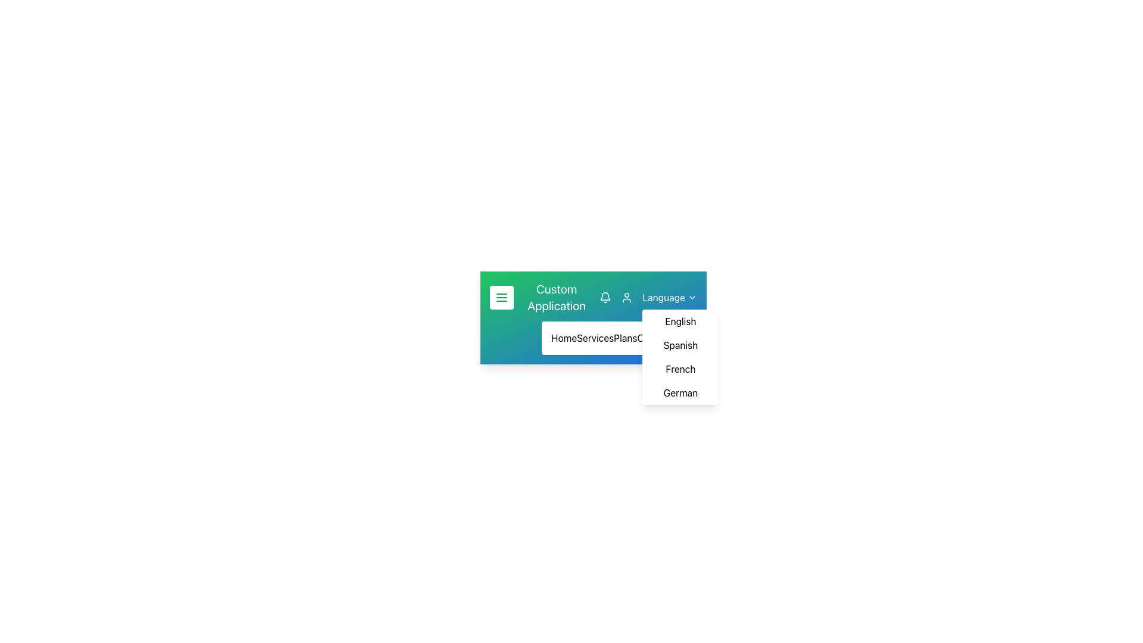 This screenshot has height=643, width=1143. I want to click on the 'English' text label element in the dropdown menu adjacent to the 'Language' label, so click(680, 321).